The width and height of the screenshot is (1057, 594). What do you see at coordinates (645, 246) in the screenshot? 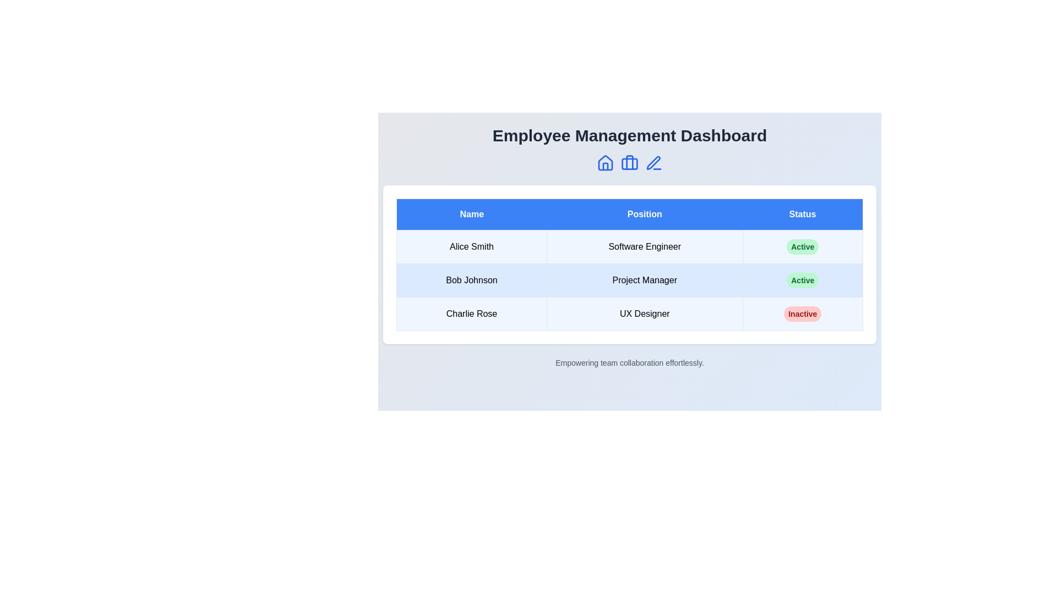
I see `the static text field displaying 'Software Engineer', which is styled with a bold sans-serif font and is centered in its box, located in the middle cell of the employee management table's row under the 'Position' header` at bounding box center [645, 246].